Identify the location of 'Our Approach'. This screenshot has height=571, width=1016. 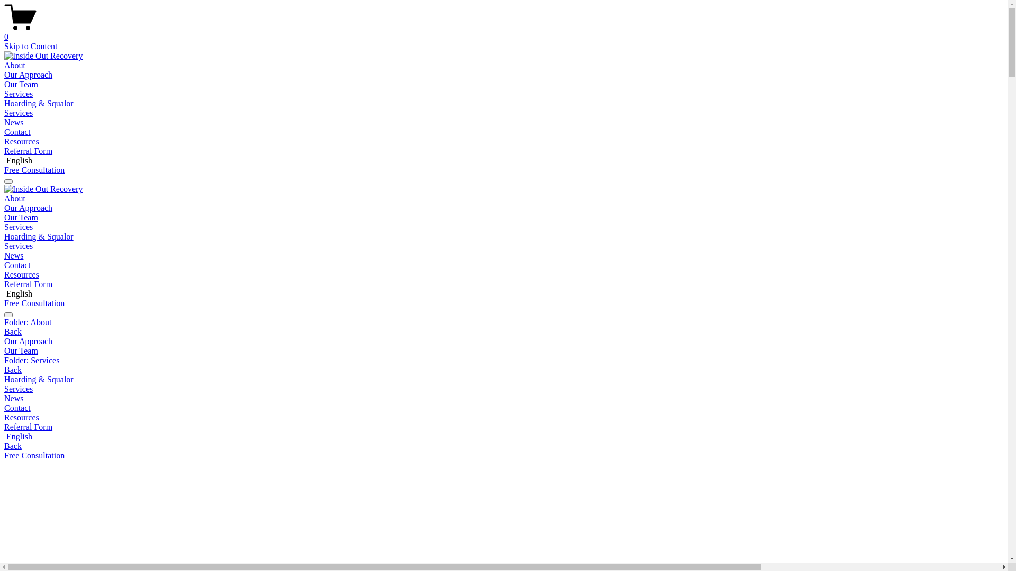
(28, 208).